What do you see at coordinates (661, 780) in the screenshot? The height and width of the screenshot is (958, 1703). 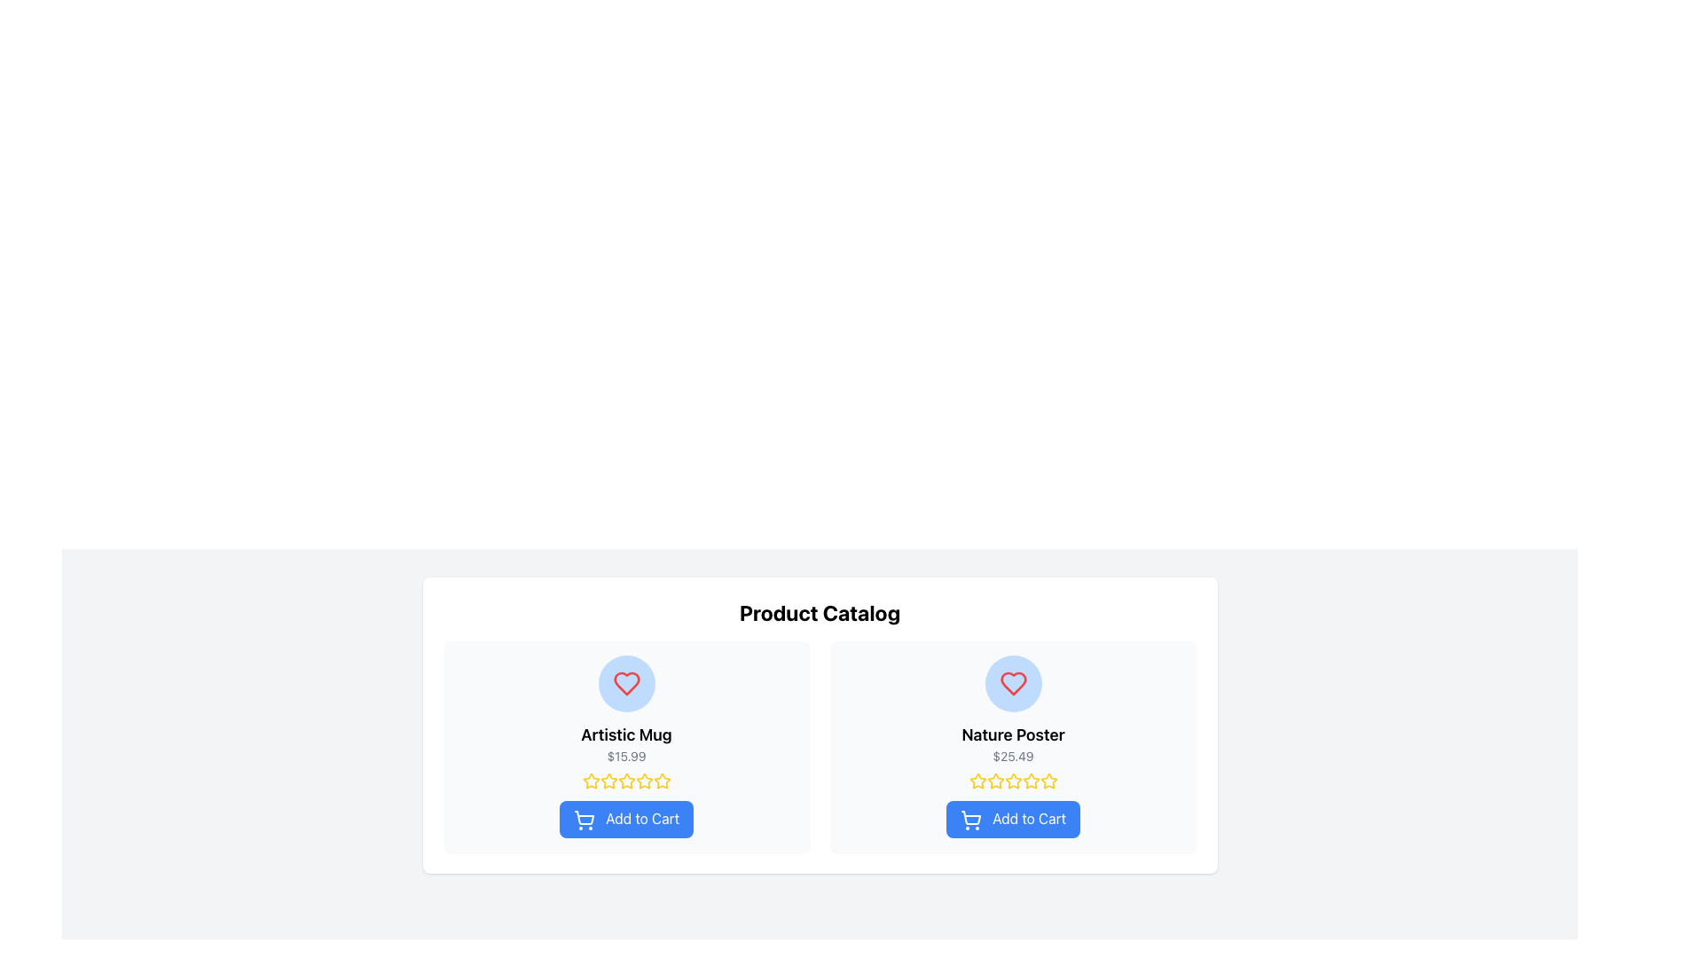 I see `the fifth and rightmost star in the row of five stars under the product information for 'Artistic Mug' to adjust the rating` at bounding box center [661, 780].